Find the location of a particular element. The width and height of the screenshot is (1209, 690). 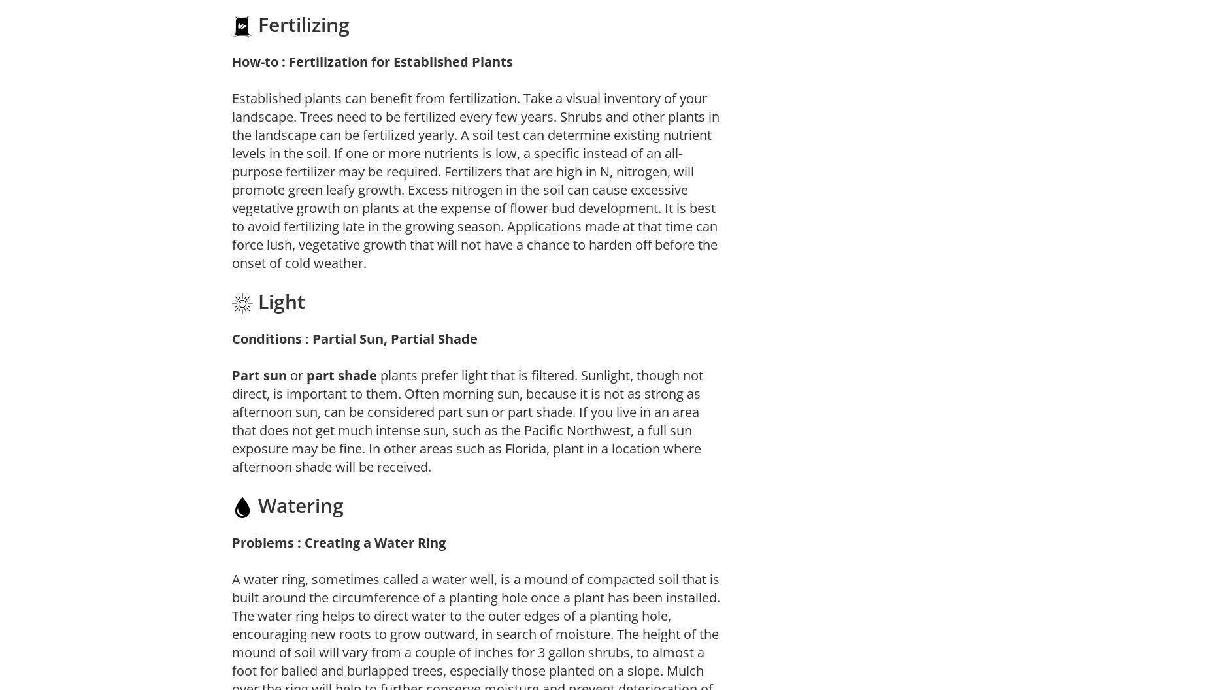

'Part sun' is located at coordinates (259, 374).